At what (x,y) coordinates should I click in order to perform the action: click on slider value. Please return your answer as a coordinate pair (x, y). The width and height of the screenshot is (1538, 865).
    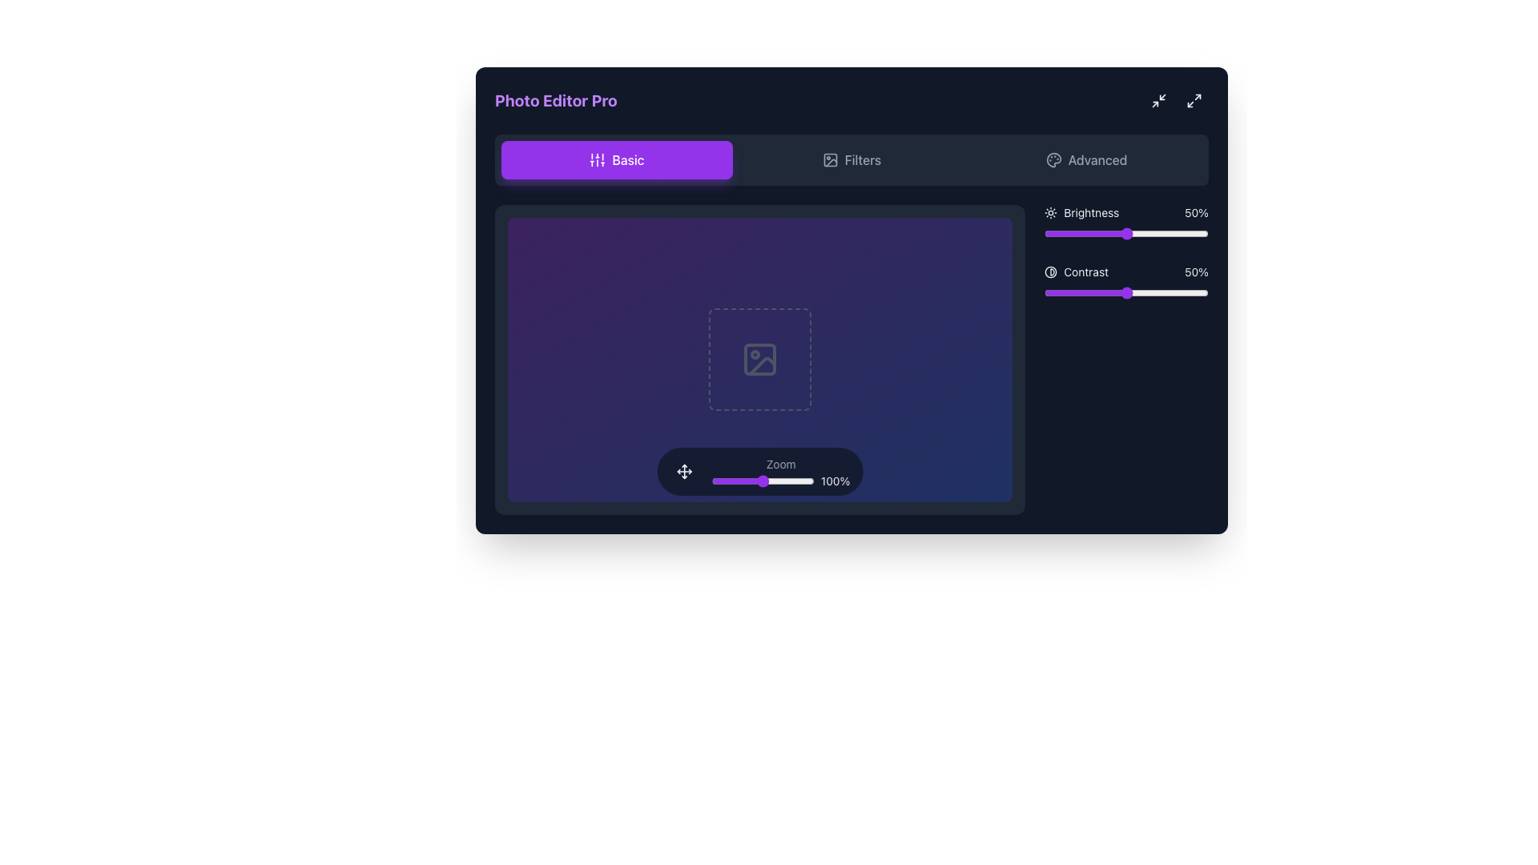
    Looking at the image, I should click on (1176, 234).